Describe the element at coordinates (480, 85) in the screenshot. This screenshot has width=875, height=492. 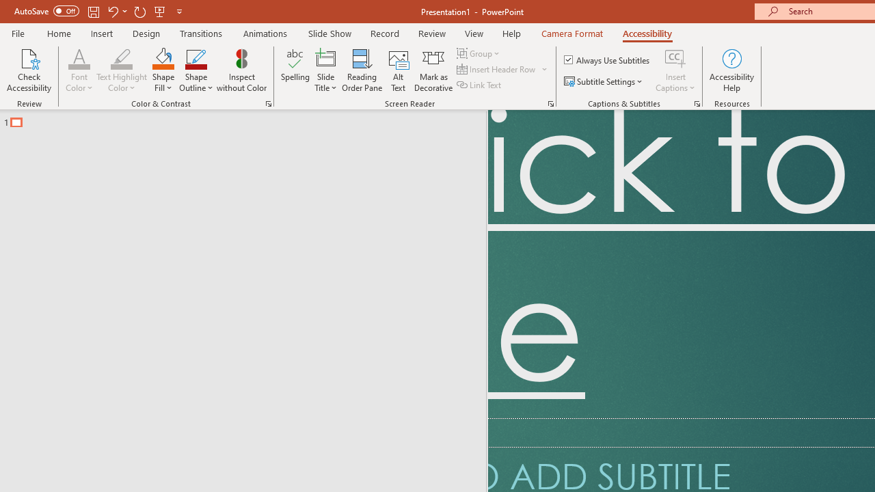
I see `'Link Text'` at that location.